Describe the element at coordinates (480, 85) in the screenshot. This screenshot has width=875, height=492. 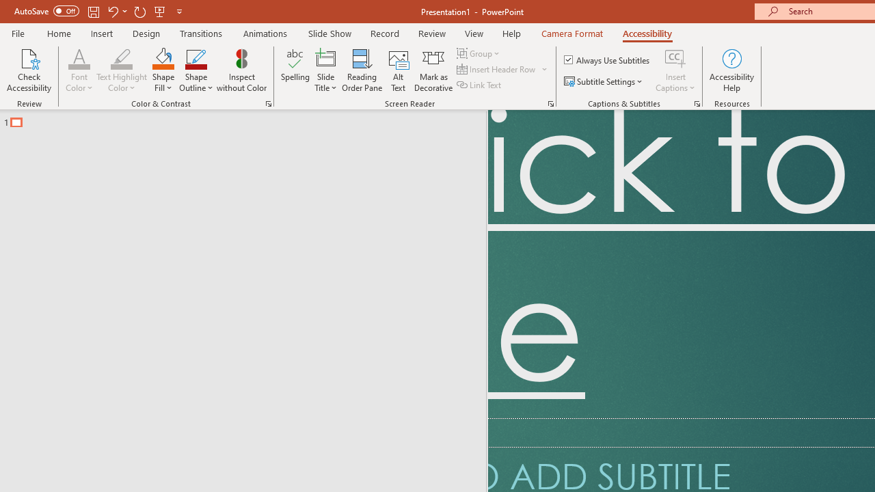
I see `'Link Text'` at that location.